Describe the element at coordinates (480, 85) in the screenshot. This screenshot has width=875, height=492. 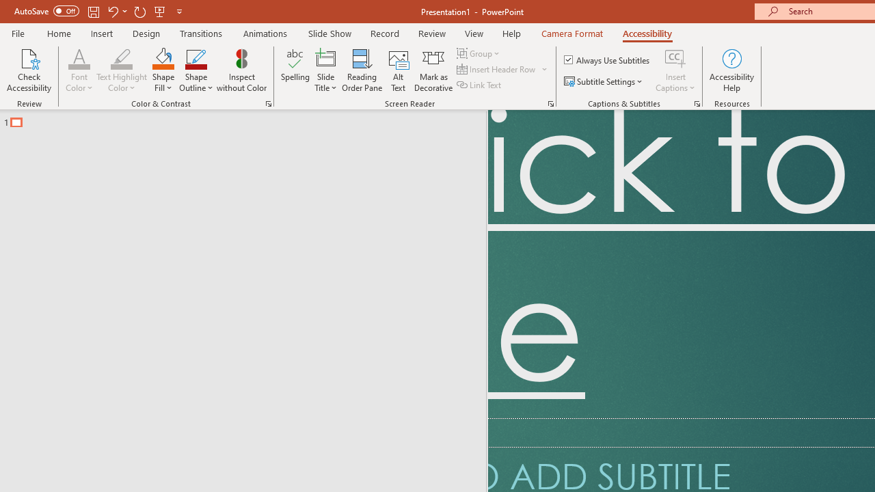
I see `'Link Text'` at that location.